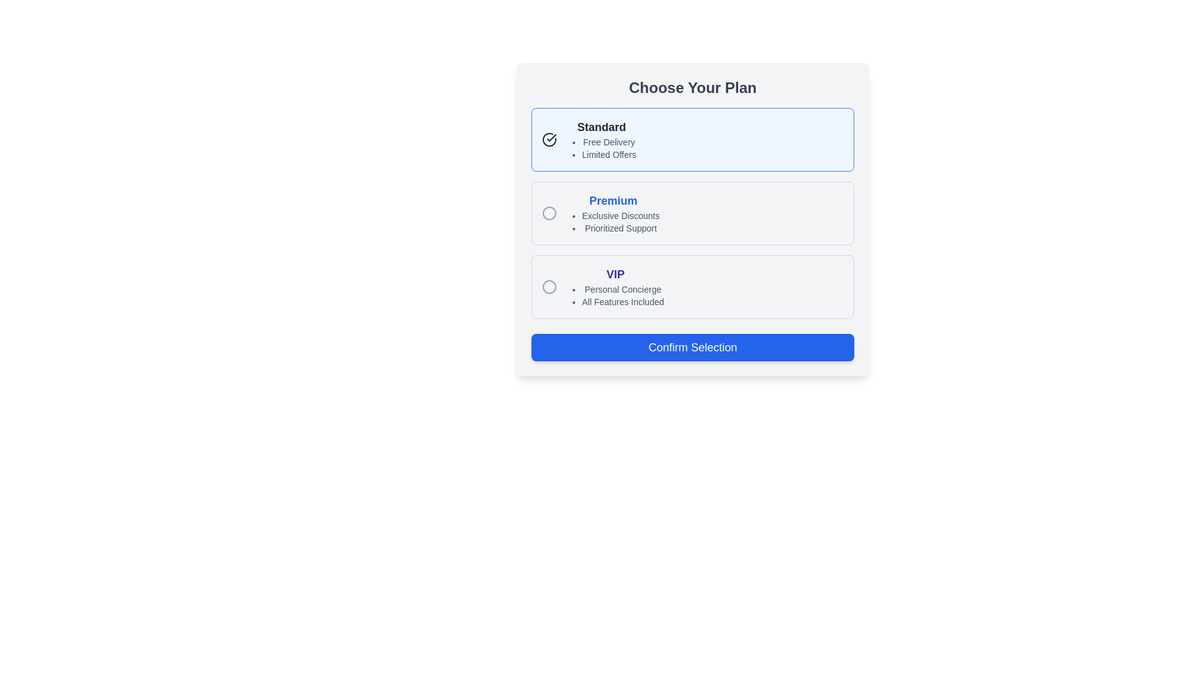 Image resolution: width=1199 pixels, height=674 pixels. Describe the element at coordinates (609, 141) in the screenshot. I see `the first text item in the bulleted list under the 'Standard' plan option, which describes the 'Free Delivery' feature` at that location.